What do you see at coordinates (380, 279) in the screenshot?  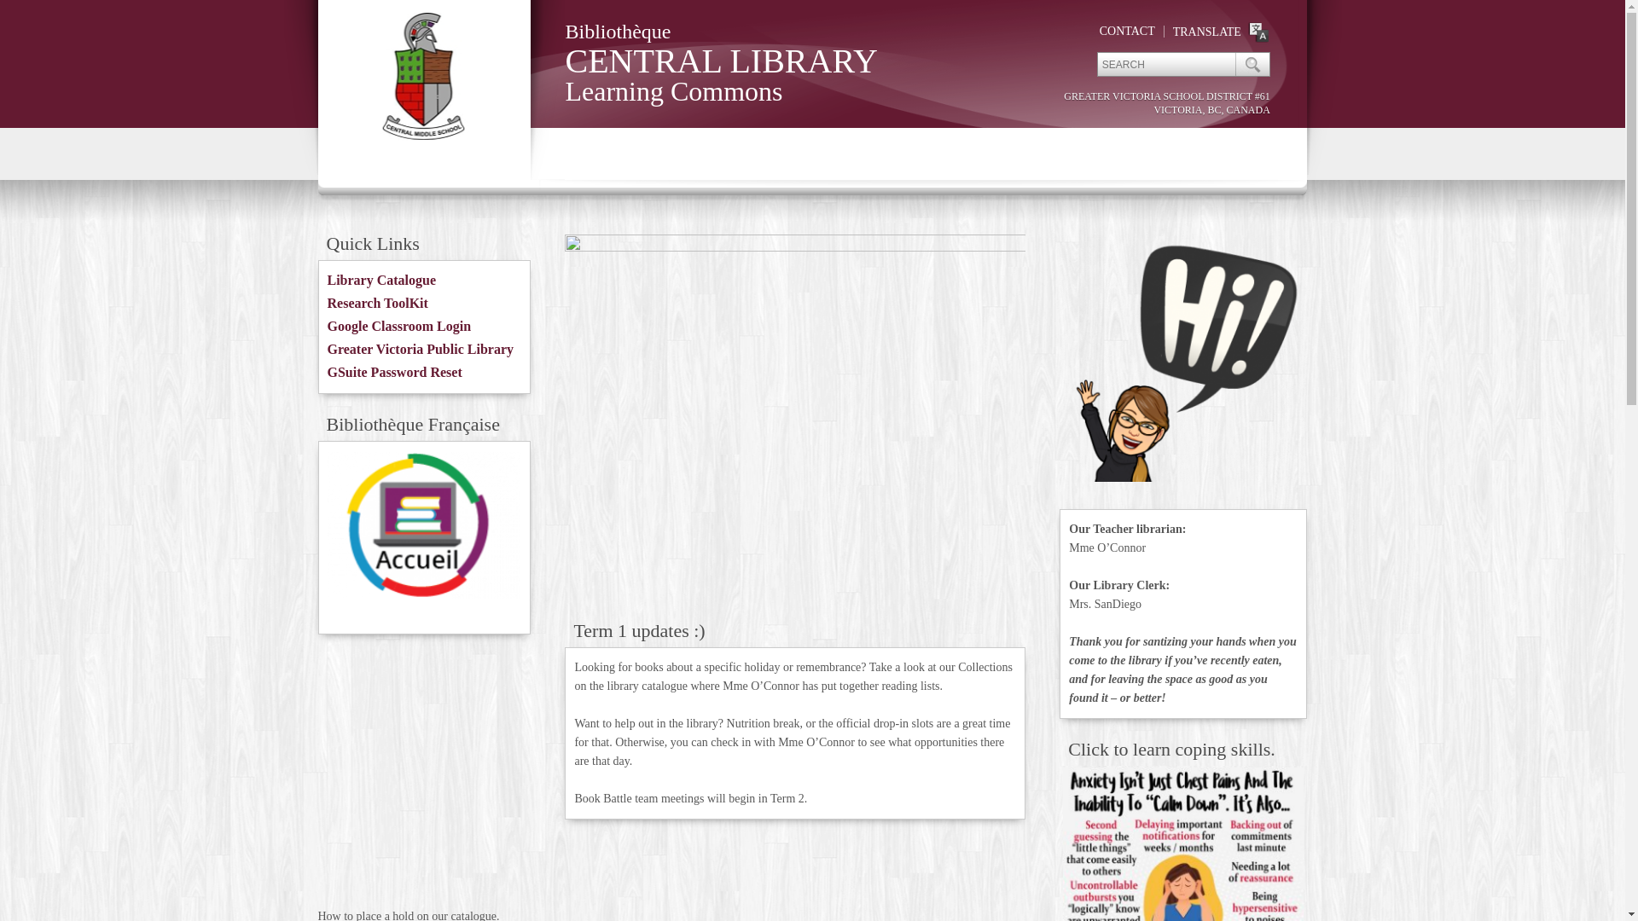 I see `'Library Catalogue'` at bounding box center [380, 279].